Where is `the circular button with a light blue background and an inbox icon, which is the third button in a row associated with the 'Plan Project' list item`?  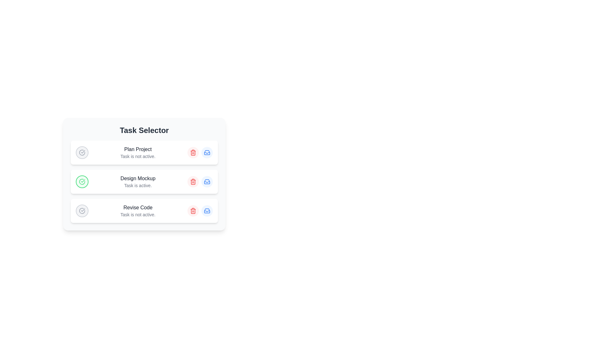 the circular button with a light blue background and an inbox icon, which is the third button in a row associated with the 'Plan Project' list item is located at coordinates (207, 153).